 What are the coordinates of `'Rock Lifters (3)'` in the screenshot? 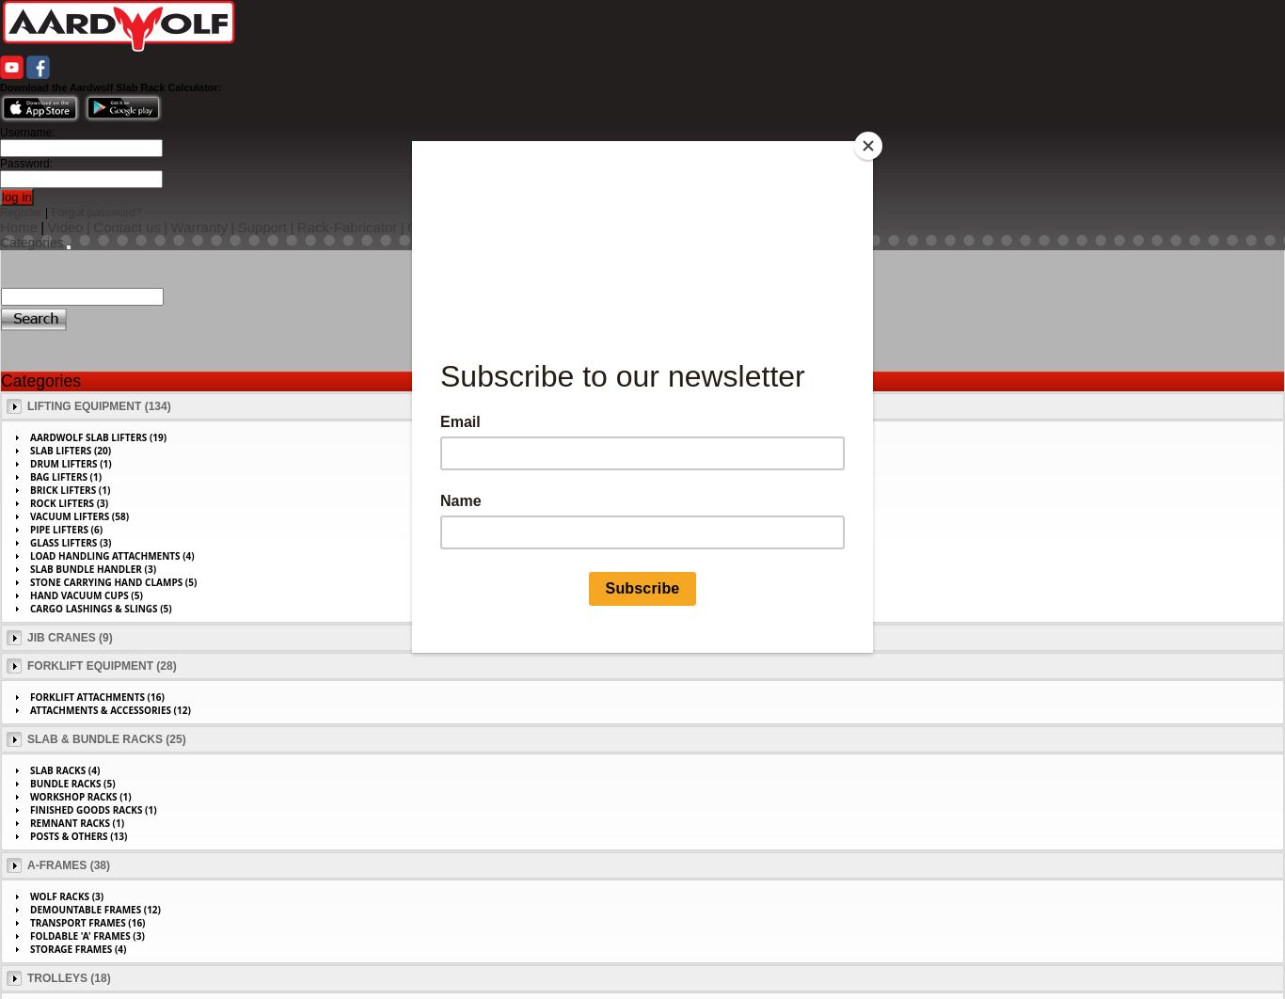 It's located at (69, 503).